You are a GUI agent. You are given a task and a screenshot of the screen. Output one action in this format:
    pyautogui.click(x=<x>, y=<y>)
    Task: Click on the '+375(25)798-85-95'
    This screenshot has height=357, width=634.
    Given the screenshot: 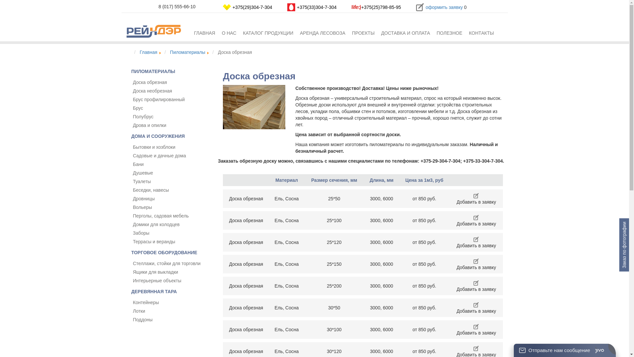 What is the action you would take?
    pyautogui.click(x=381, y=7)
    